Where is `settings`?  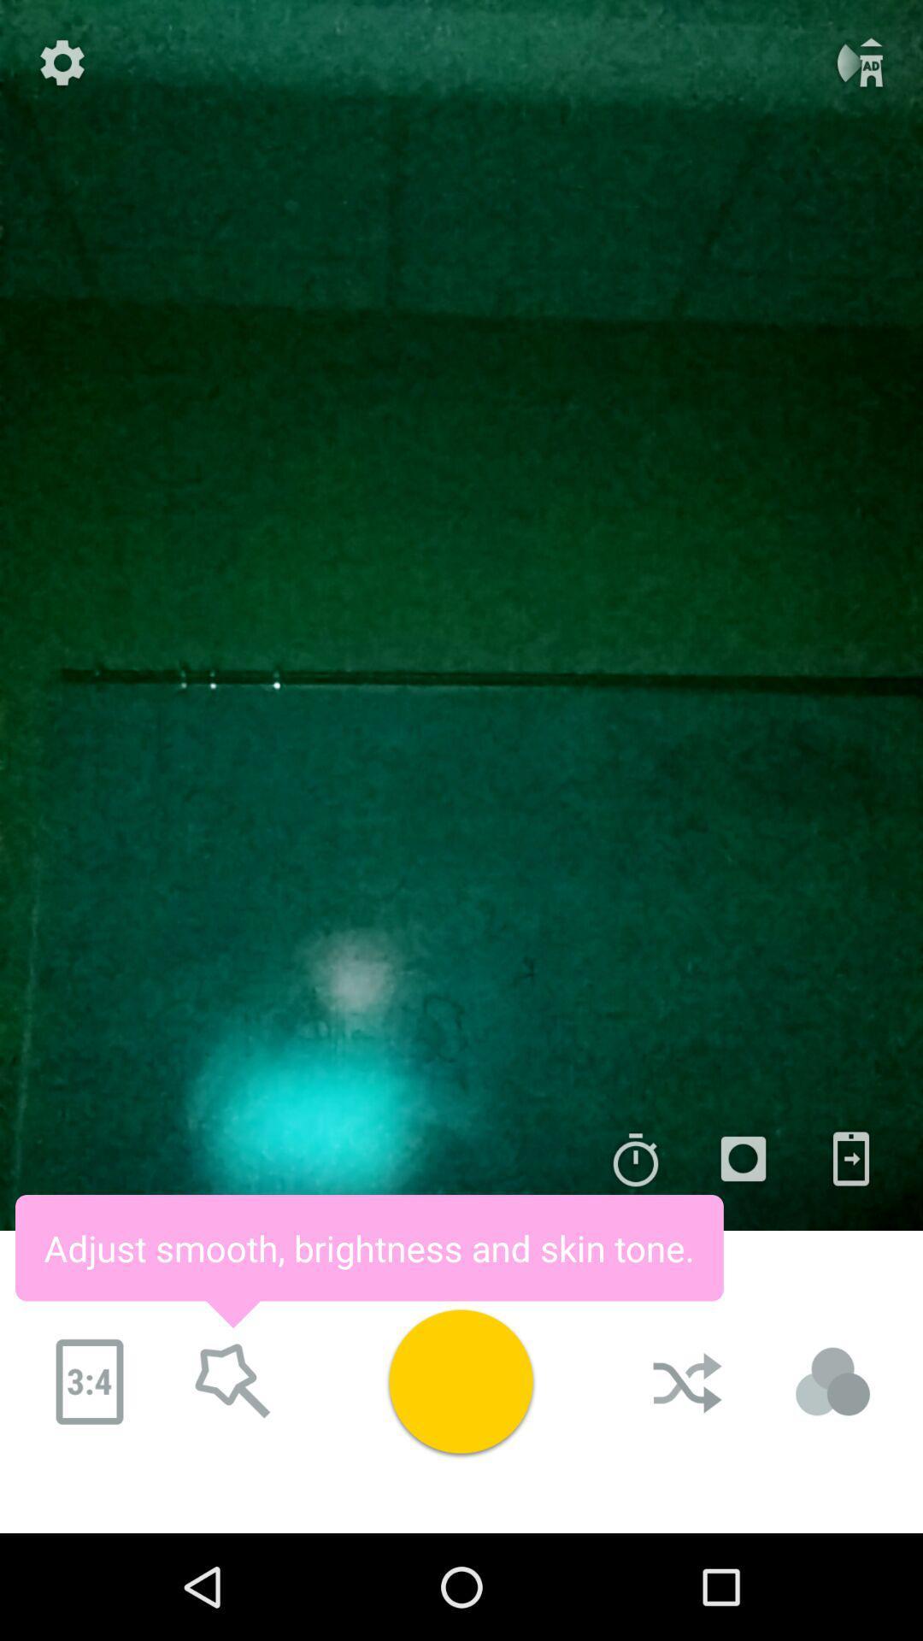 settings is located at coordinates (62, 62).